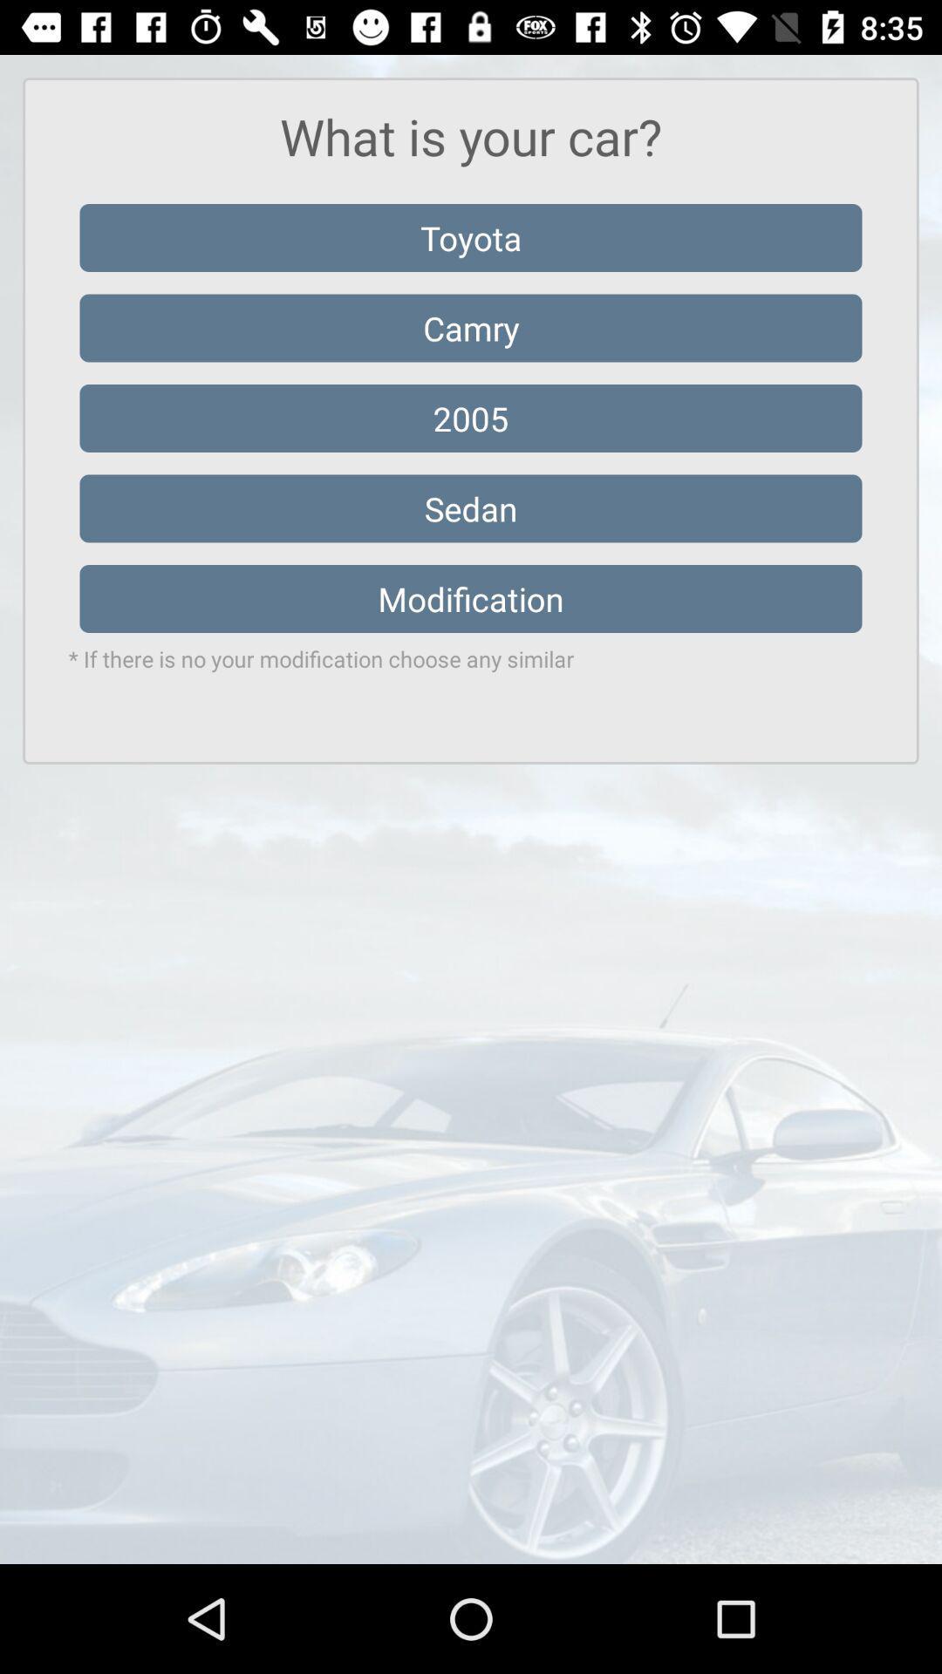 This screenshot has height=1674, width=942. Describe the element at coordinates (471, 237) in the screenshot. I see `the toyota` at that location.